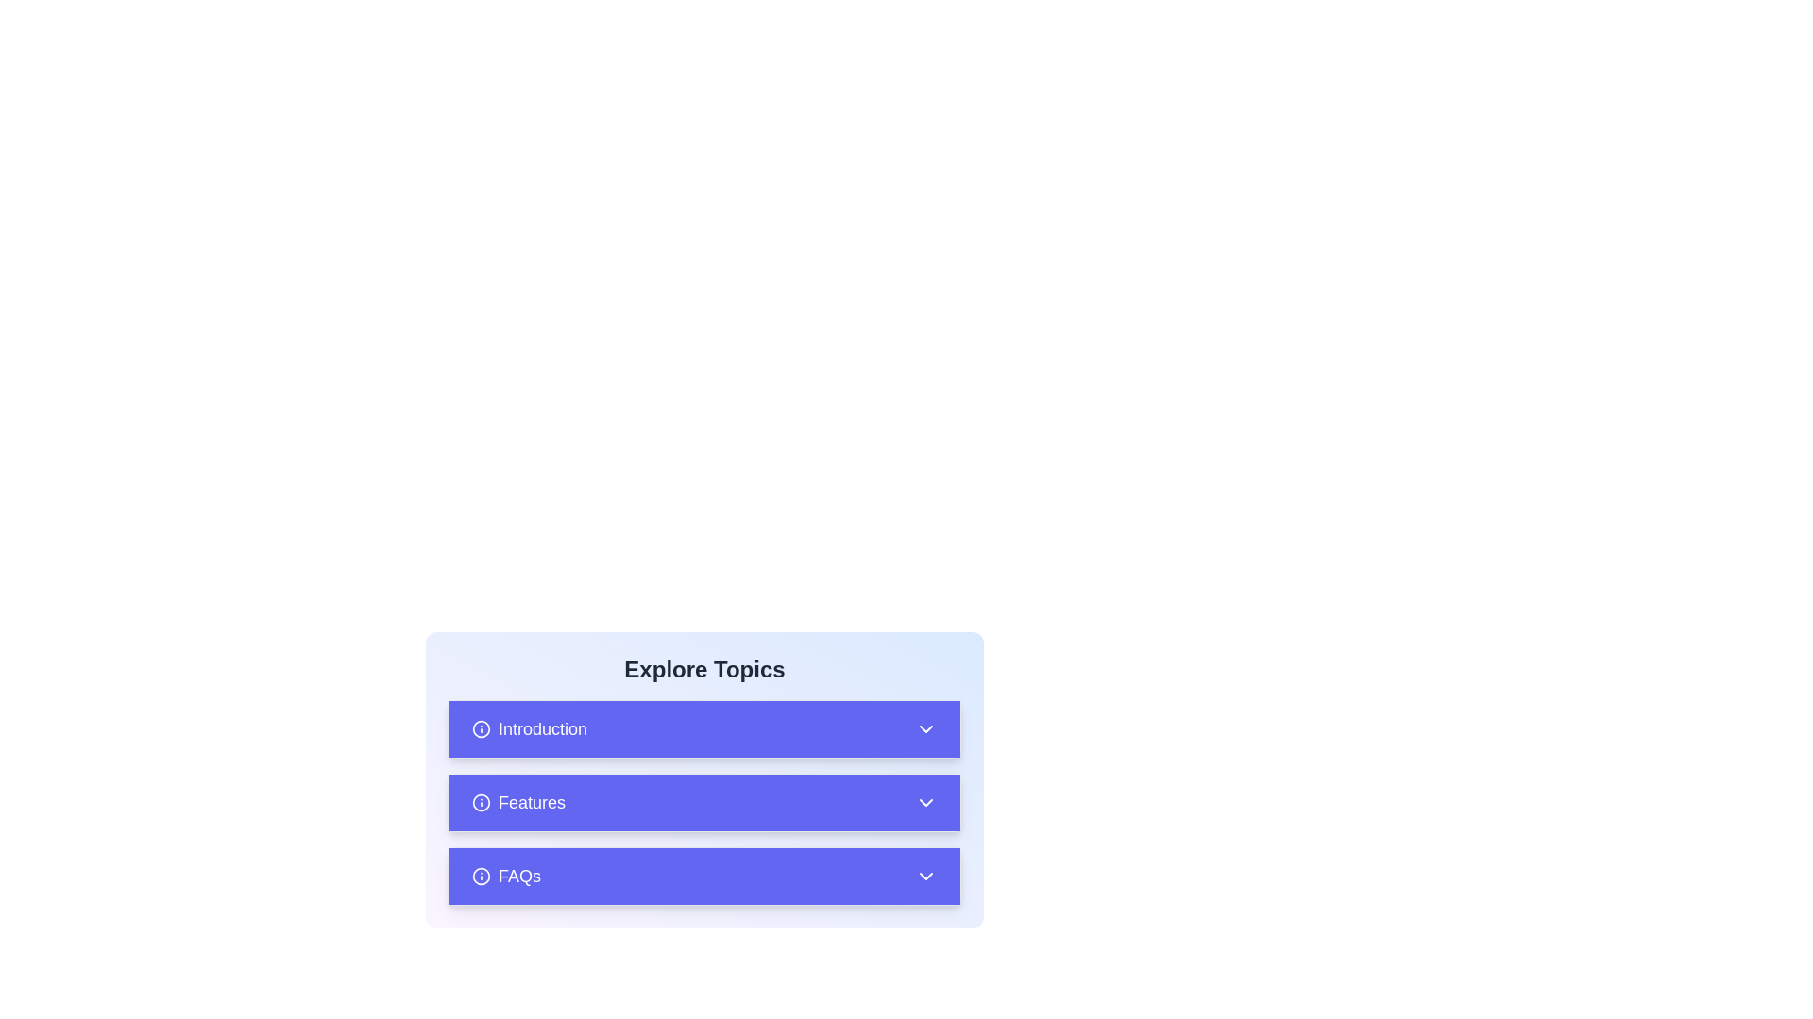 The height and width of the screenshot is (1019, 1813). I want to click on the information icon, which is a circular icon with an 'i' in it, styled with a white stroke against a purple background, so click(481, 877).